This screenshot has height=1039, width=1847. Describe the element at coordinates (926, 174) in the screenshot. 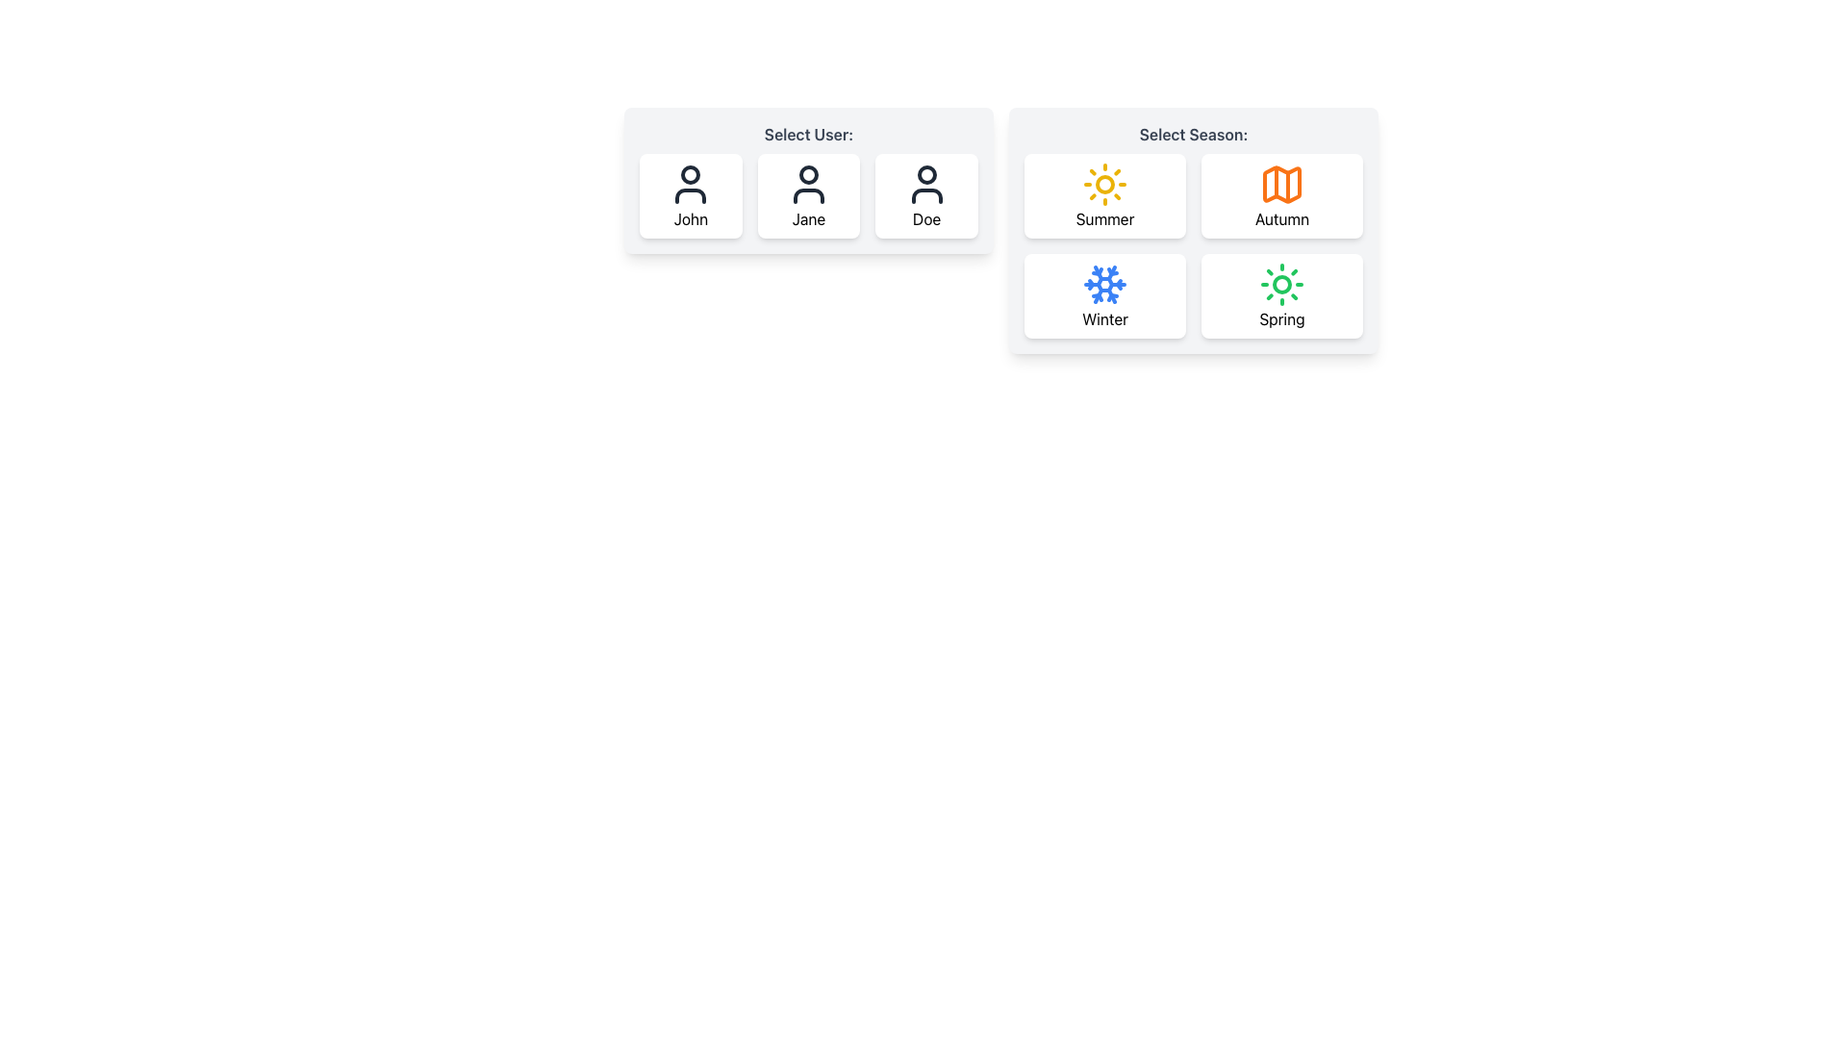

I see `the small circular shape within the 'Doe' user option icon, which appears as a focus mark at the head of the user icon` at that location.